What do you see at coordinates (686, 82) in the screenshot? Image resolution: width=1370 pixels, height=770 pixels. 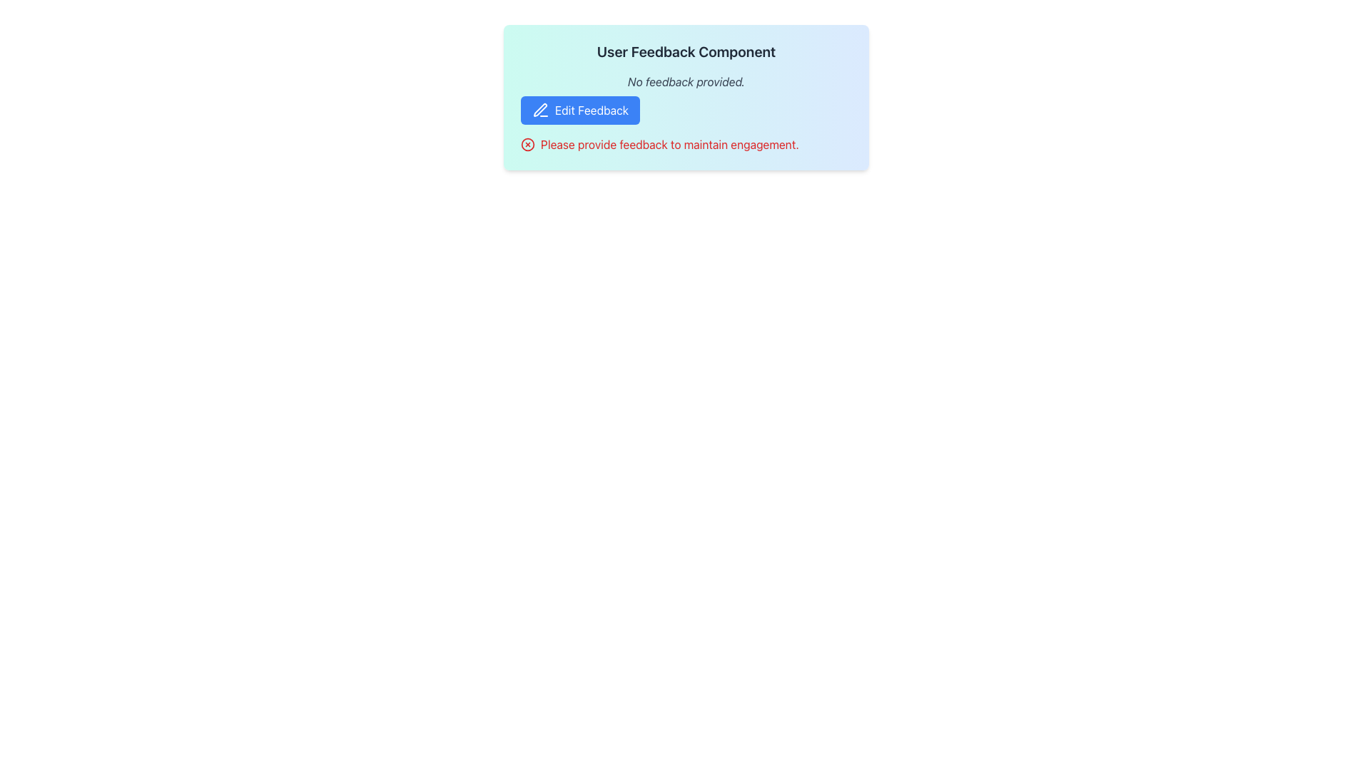 I see `the static text element that displays 'No feedback provided.' styled in italicized grayish font on a light blue background, located above the 'Edit Feedback' button` at bounding box center [686, 82].